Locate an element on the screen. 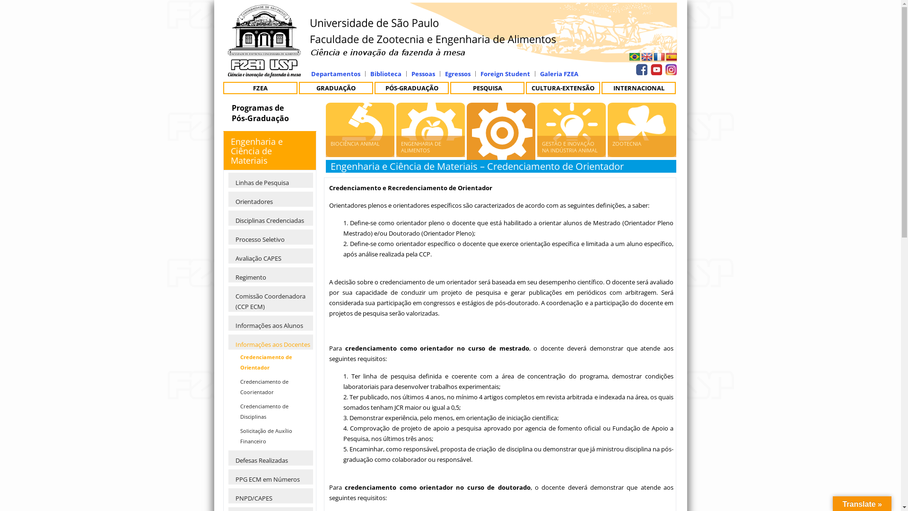  'French' is located at coordinates (658, 56).